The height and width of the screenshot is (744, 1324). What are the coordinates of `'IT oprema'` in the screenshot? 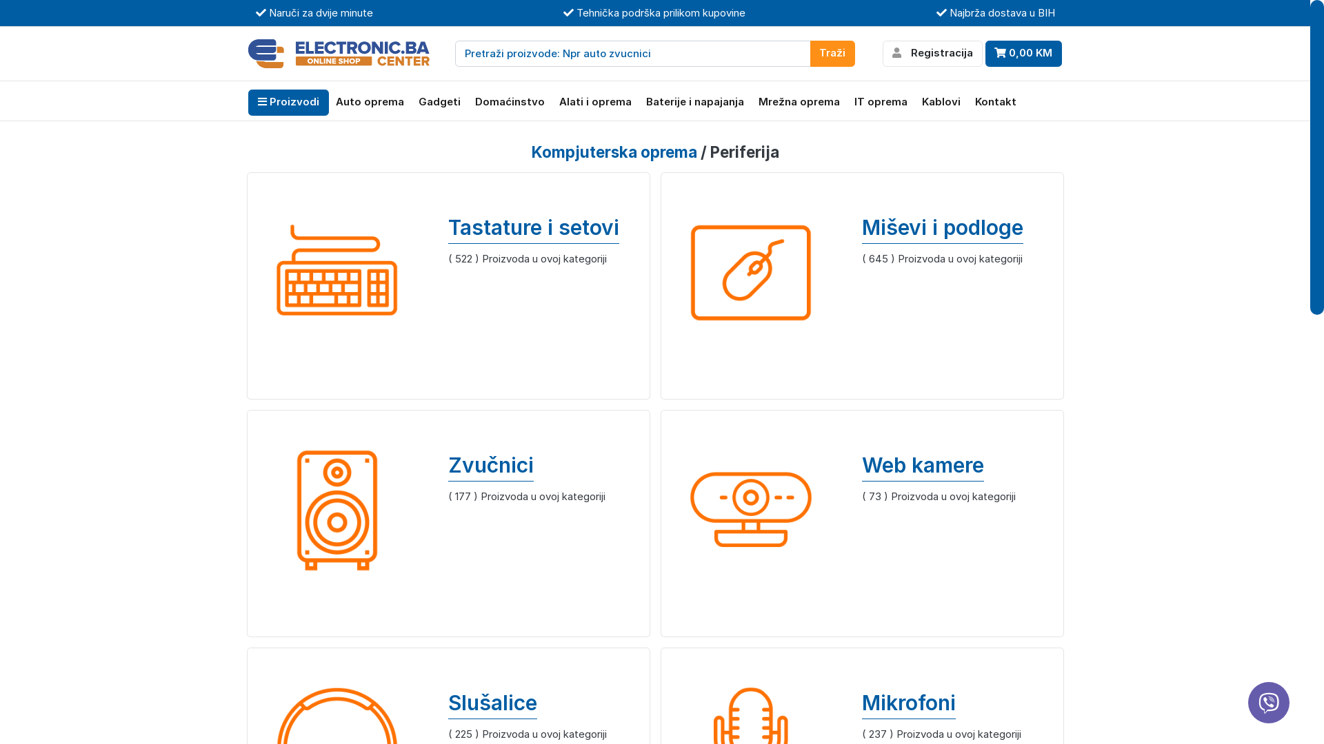 It's located at (879, 102).